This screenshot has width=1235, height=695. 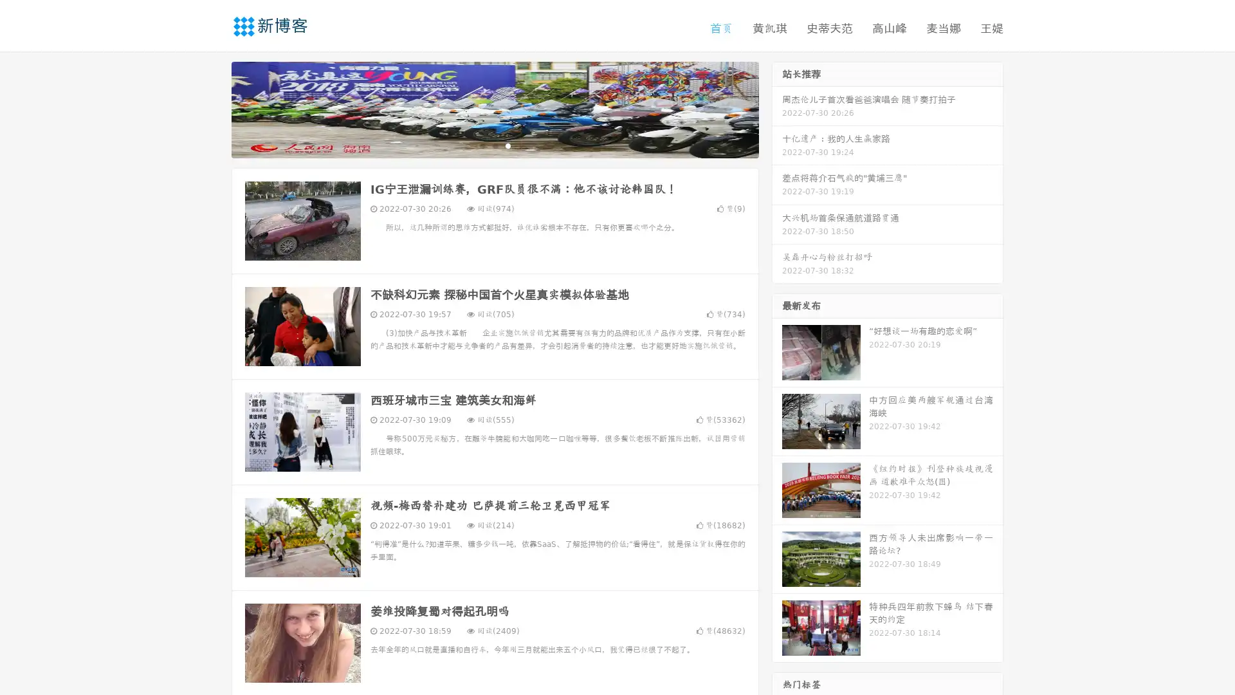 What do you see at coordinates (494, 145) in the screenshot?
I see `Go to slide 2` at bounding box center [494, 145].